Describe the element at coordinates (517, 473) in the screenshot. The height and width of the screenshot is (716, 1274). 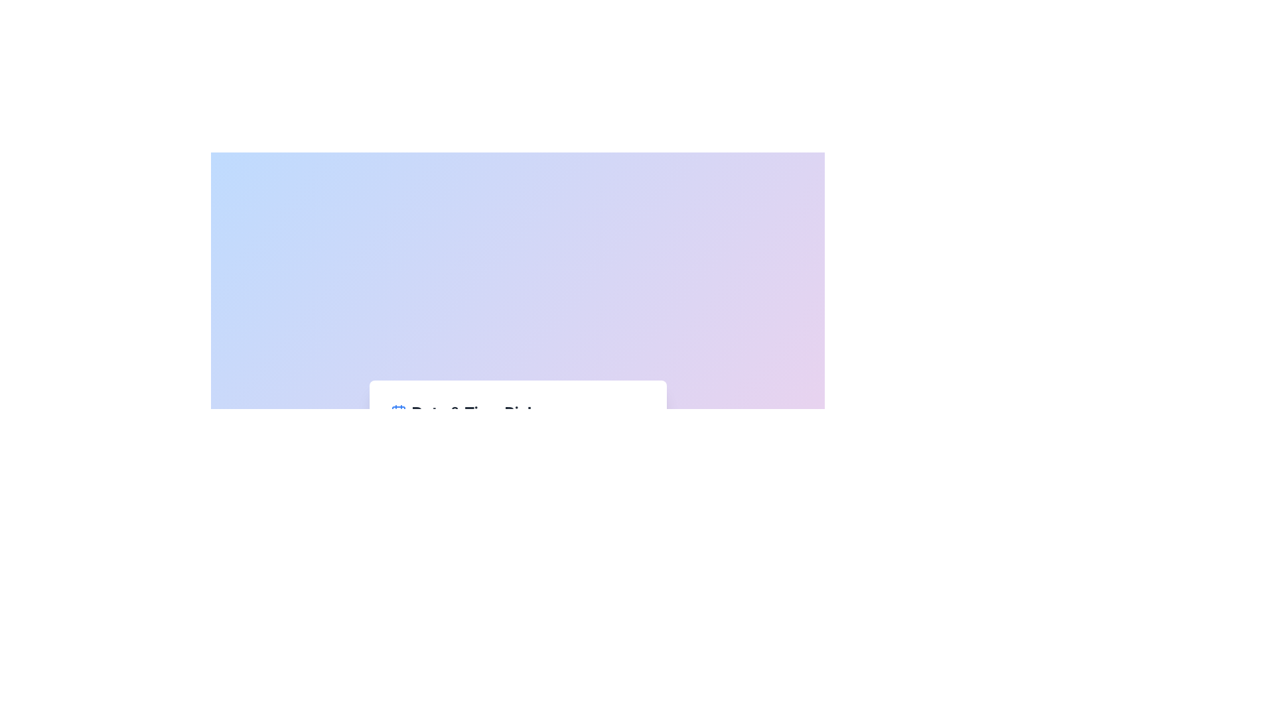
I see `the dropdown menu labeled 'Select Date'` at that location.